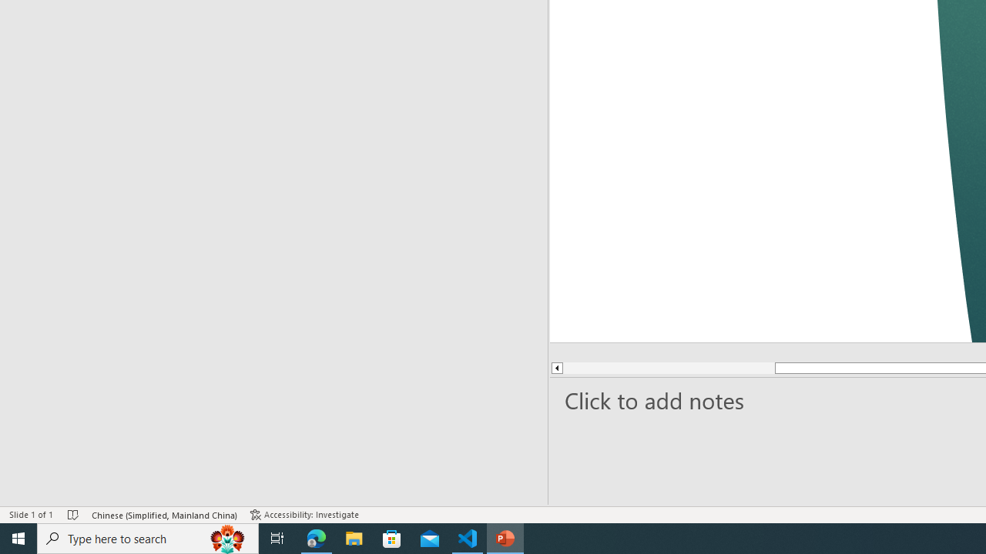  What do you see at coordinates (669, 368) in the screenshot?
I see `'Page up'` at bounding box center [669, 368].